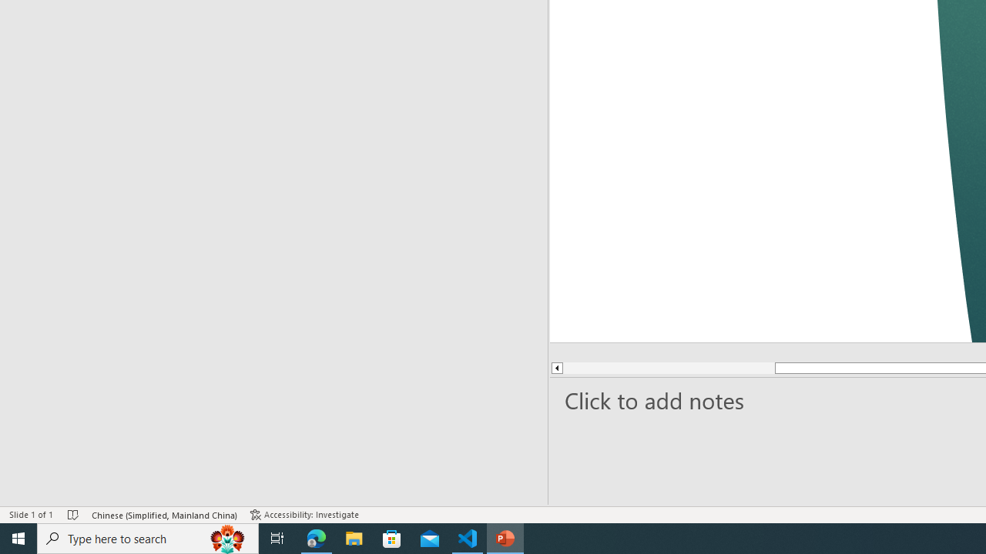  What do you see at coordinates (669, 368) in the screenshot?
I see `'Page up'` at bounding box center [669, 368].